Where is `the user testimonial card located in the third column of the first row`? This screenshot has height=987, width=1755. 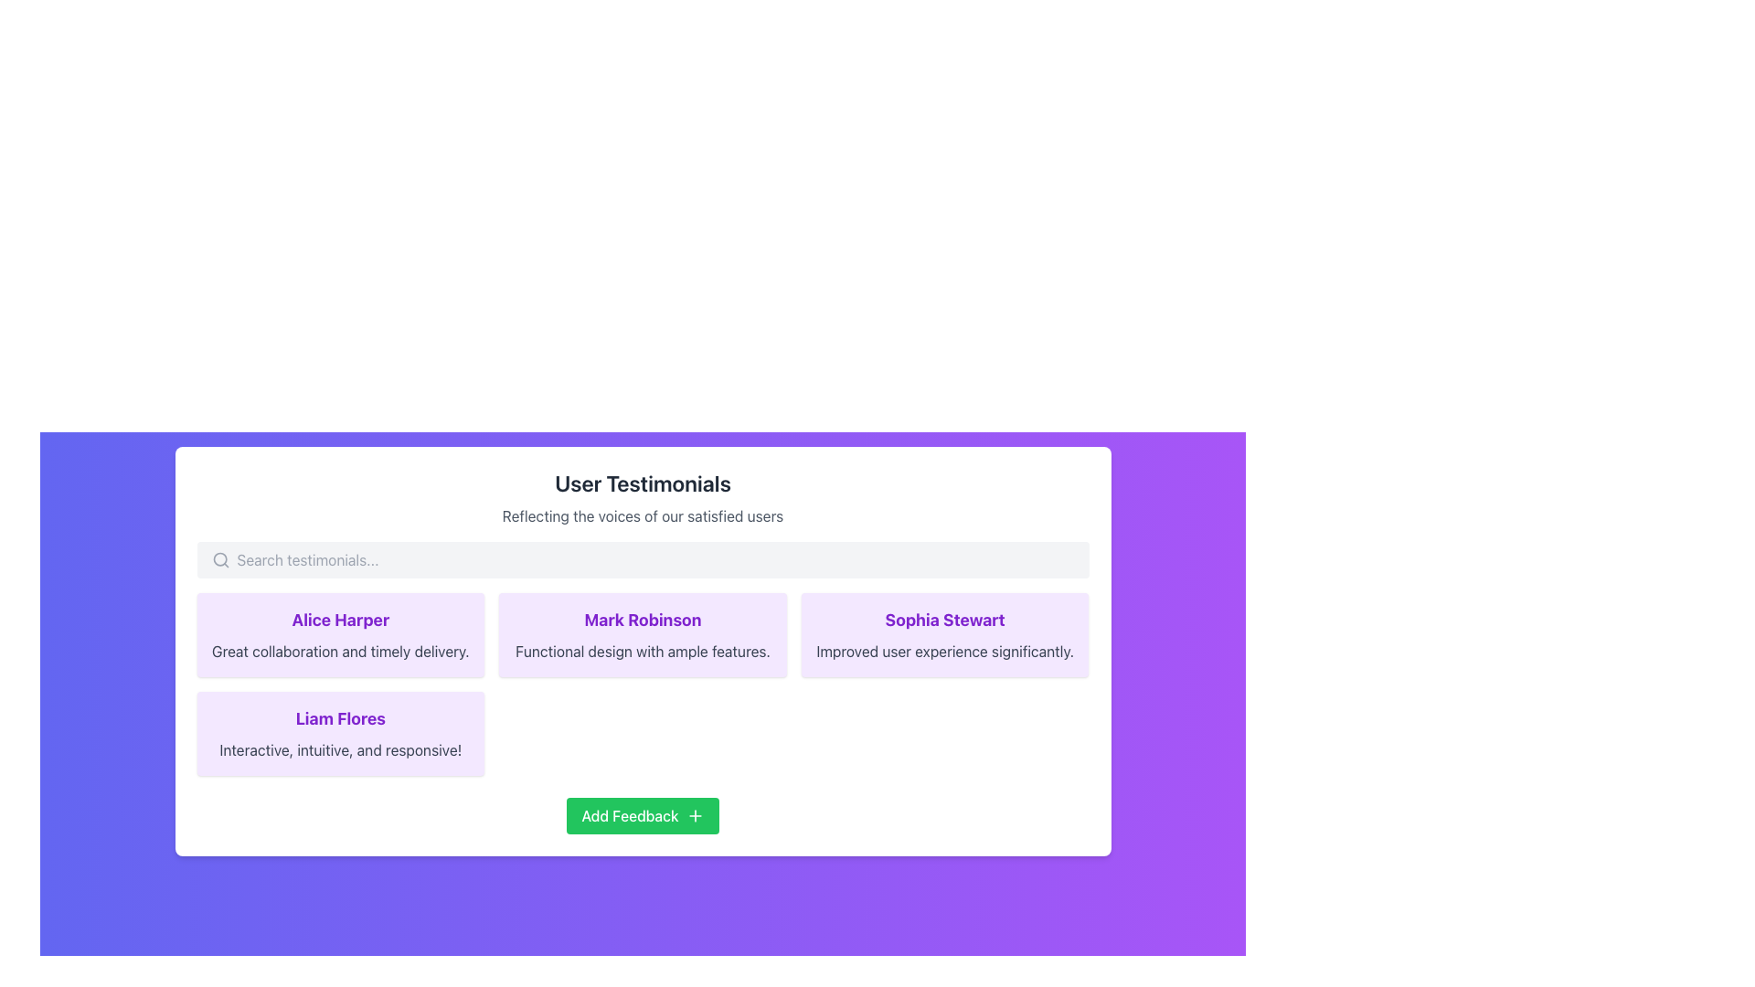 the user testimonial card located in the third column of the first row is located at coordinates (944, 633).